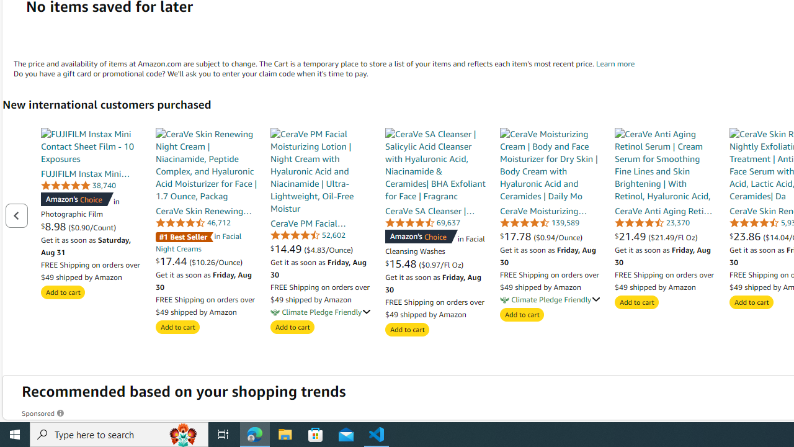 The height and width of the screenshot is (447, 794). What do you see at coordinates (557, 237) in the screenshot?
I see `'($0.94/Ounce)'` at bounding box center [557, 237].